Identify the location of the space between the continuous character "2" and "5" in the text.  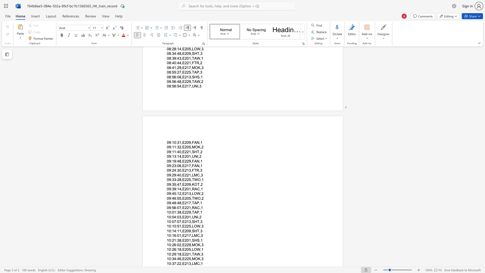
(188, 179).